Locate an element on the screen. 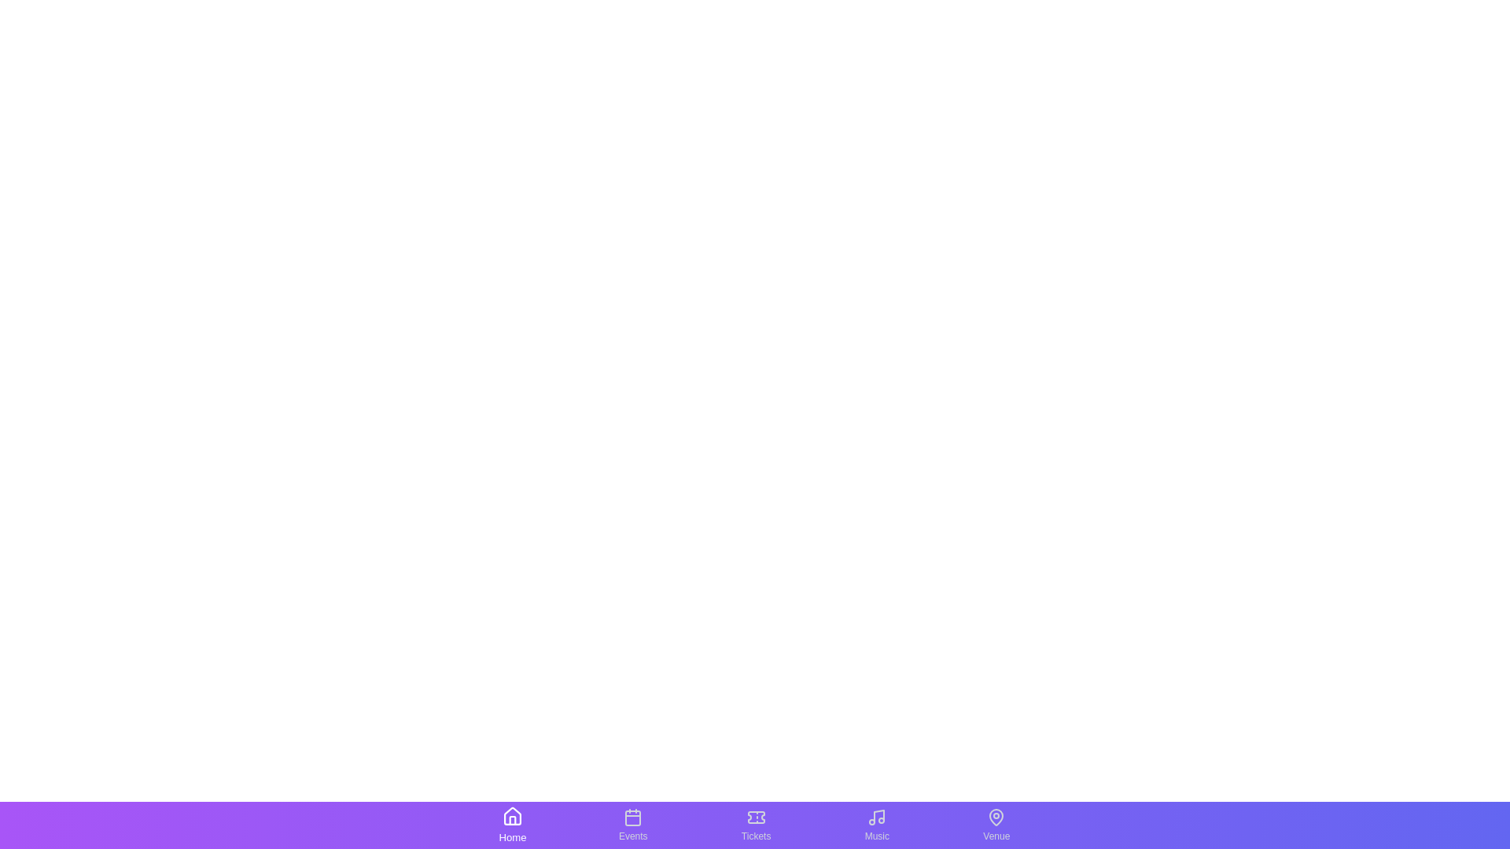 The width and height of the screenshot is (1510, 849). the tab labeled Home to navigate to its section is located at coordinates (512, 824).